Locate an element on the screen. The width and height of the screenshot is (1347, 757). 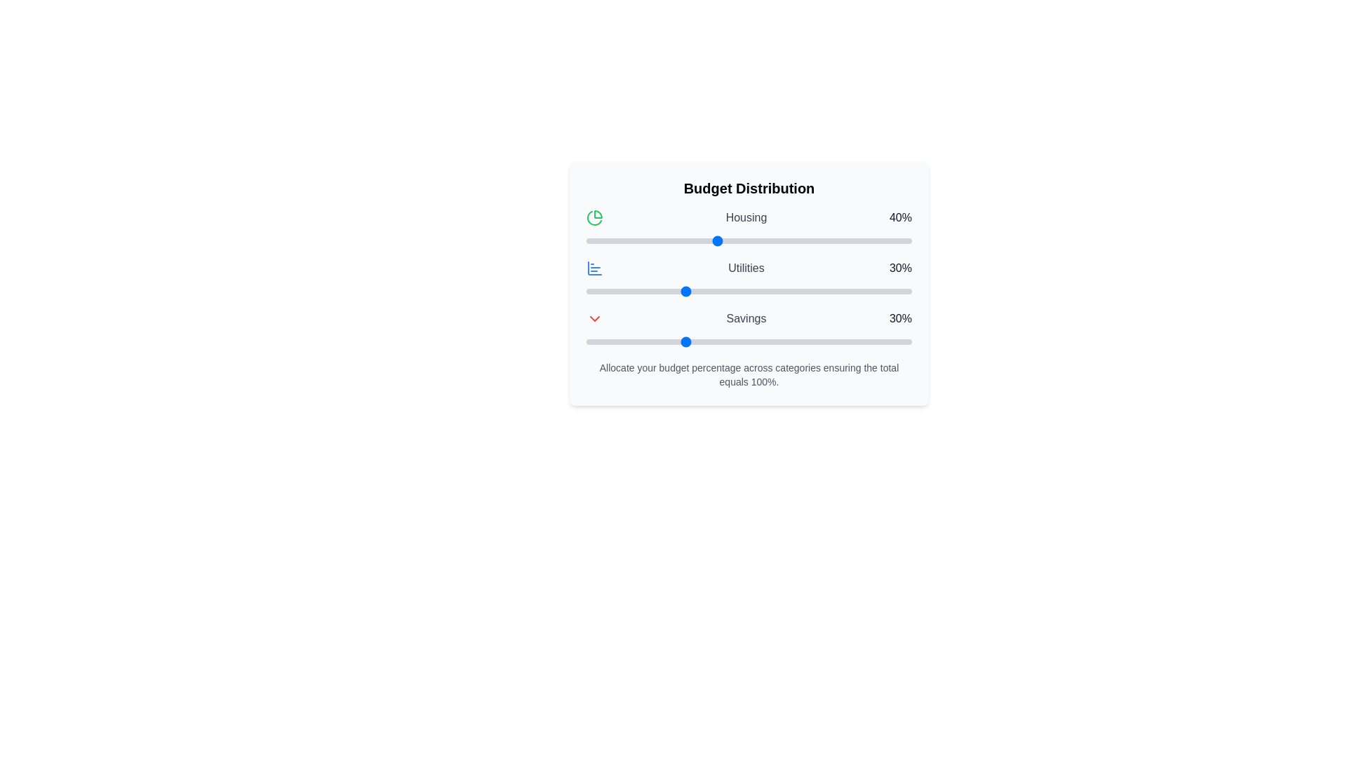
the blue thumb of the horizontal slider component labeled 'Housing' at 40% is located at coordinates (749, 229).